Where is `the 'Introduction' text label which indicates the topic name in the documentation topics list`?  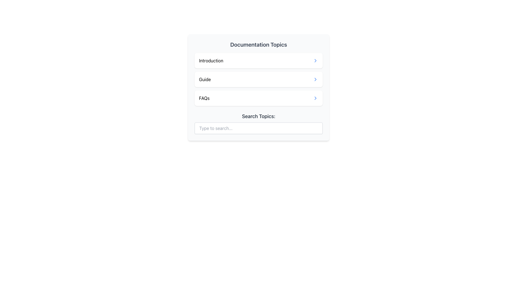 the 'Introduction' text label which indicates the topic name in the documentation topics list is located at coordinates (211, 60).